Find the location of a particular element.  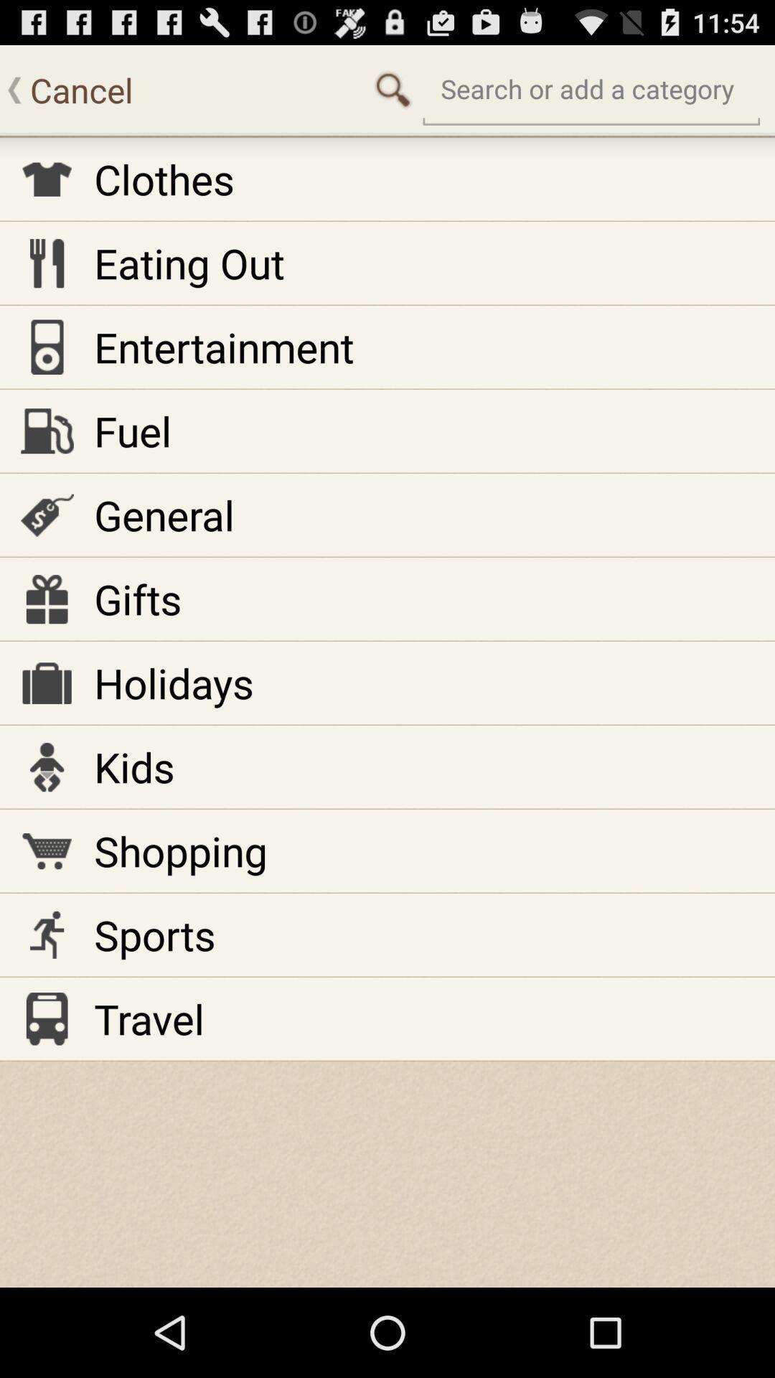

the item above gifts item is located at coordinates (164, 515).